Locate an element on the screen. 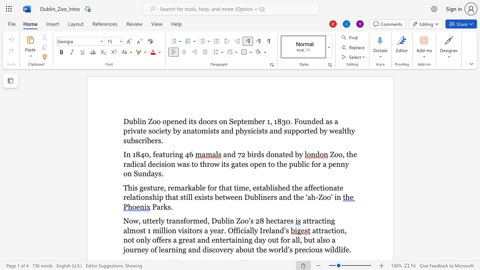 The image size is (480, 270). the 2th character "h" in the text is located at coordinates (154, 197).